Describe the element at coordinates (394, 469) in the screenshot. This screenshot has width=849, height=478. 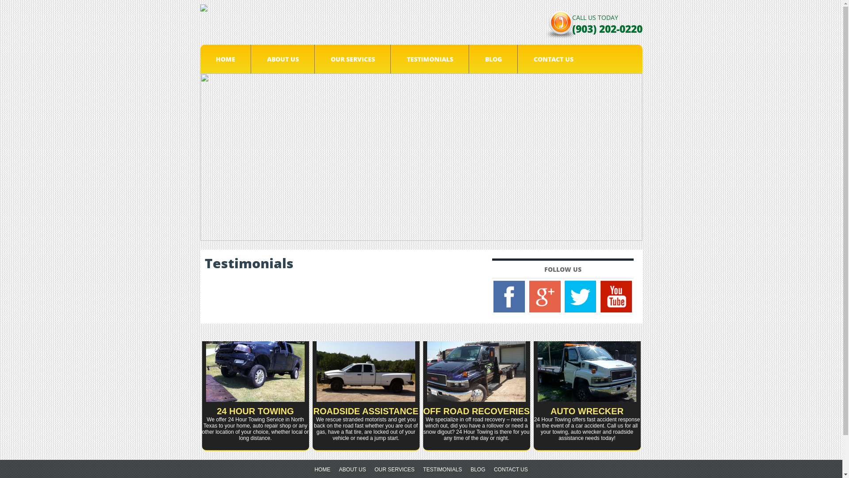
I see `'OUR SERVICES'` at that location.